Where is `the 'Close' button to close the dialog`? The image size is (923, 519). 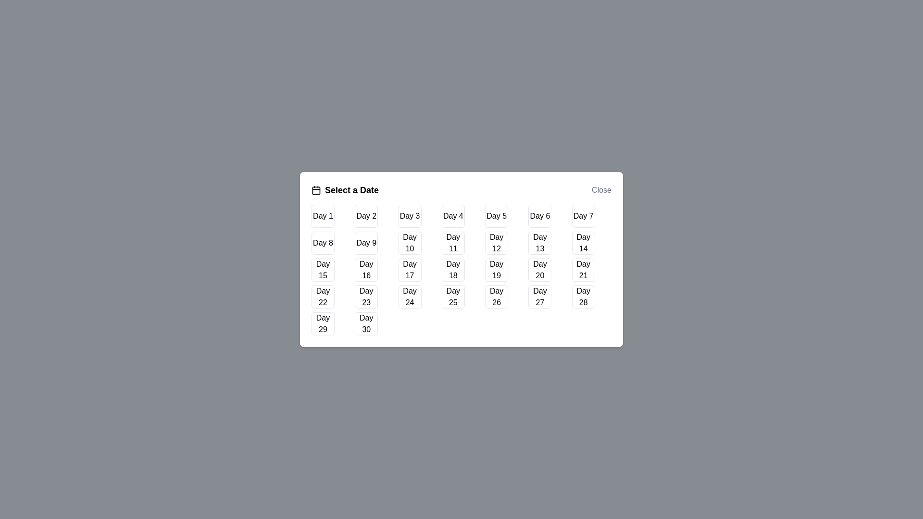
the 'Close' button to close the dialog is located at coordinates (601, 190).